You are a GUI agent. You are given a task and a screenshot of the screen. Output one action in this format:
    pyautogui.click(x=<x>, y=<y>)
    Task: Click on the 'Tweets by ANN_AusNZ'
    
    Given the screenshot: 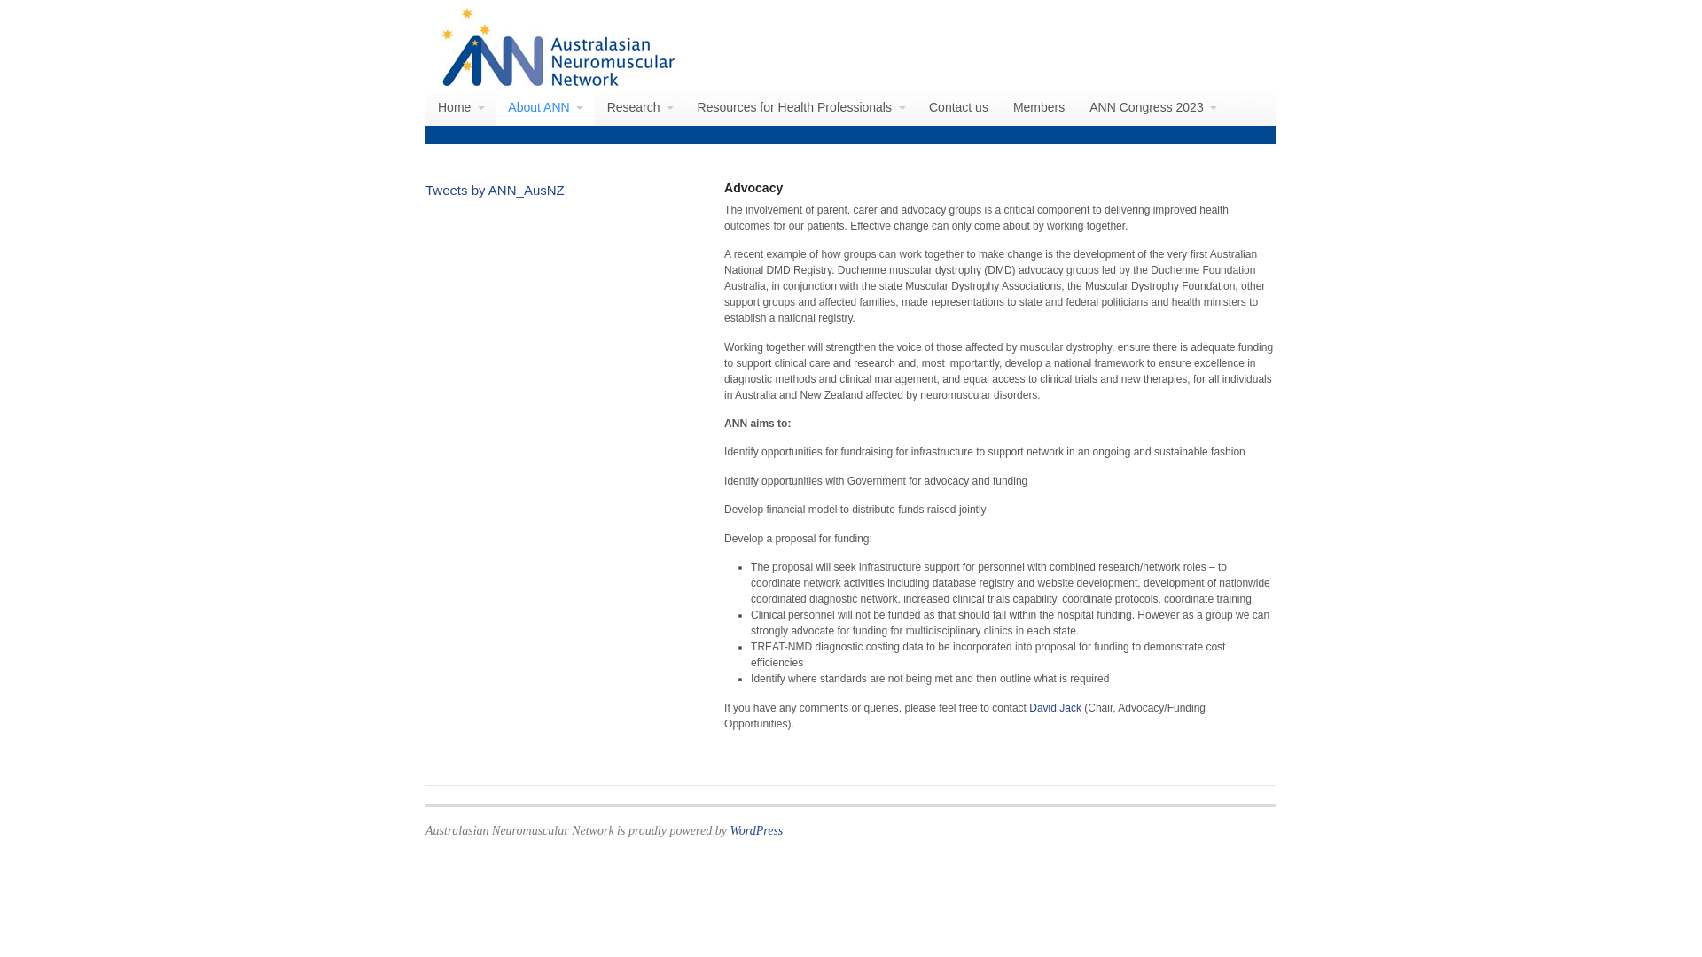 What is the action you would take?
    pyautogui.click(x=425, y=190)
    